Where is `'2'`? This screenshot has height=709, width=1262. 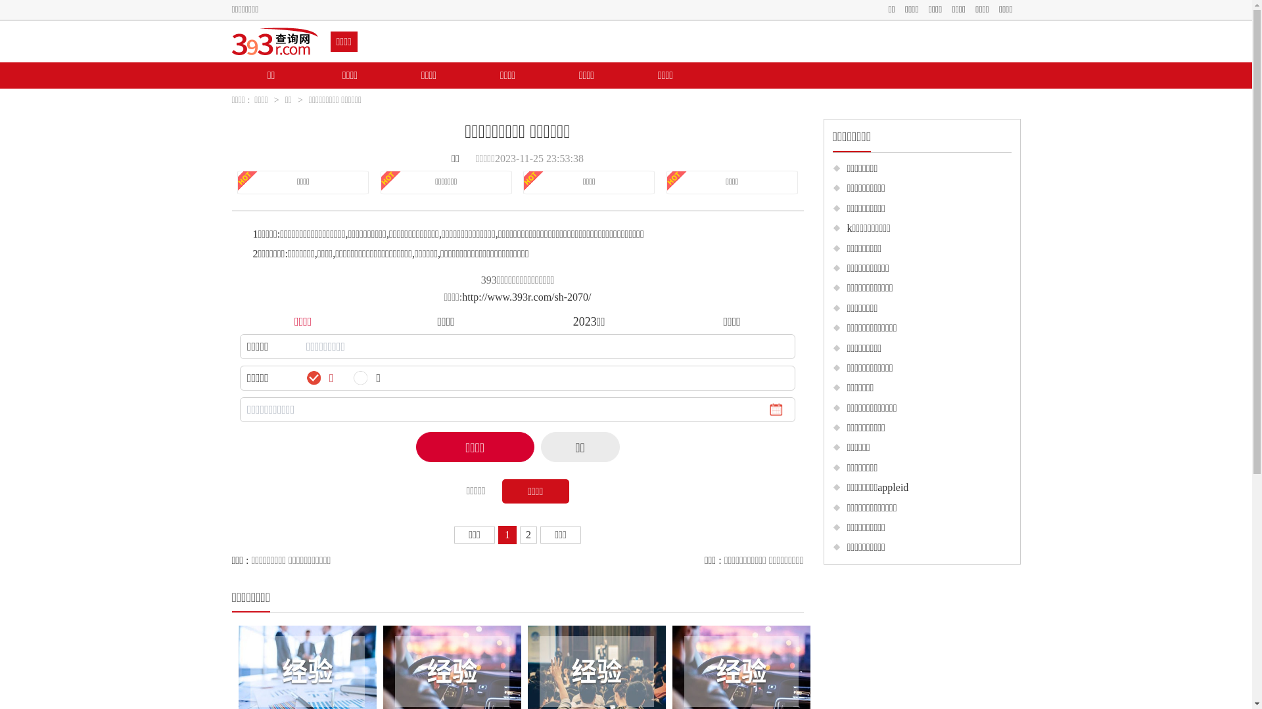 '2' is located at coordinates (528, 534).